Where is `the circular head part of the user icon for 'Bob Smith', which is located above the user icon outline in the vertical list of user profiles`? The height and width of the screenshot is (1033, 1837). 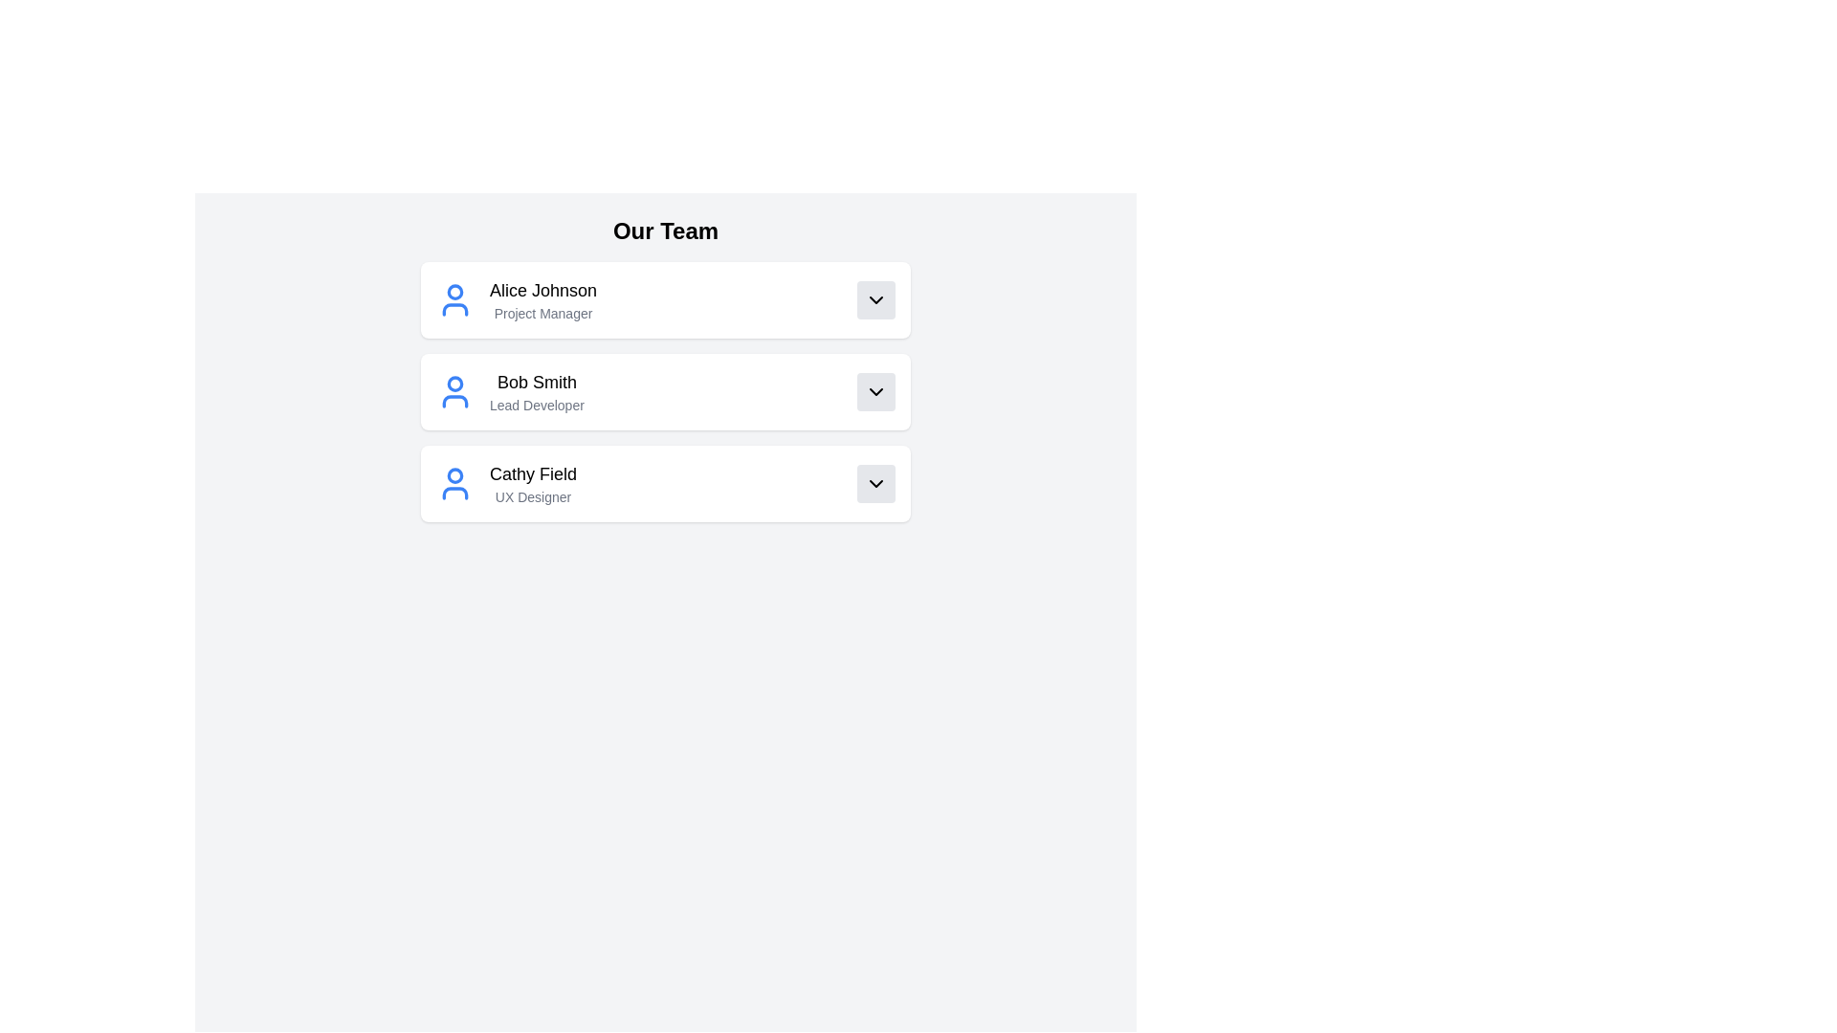
the circular head part of the user icon for 'Bob Smith', which is located above the user icon outline in the vertical list of user profiles is located at coordinates (454, 384).